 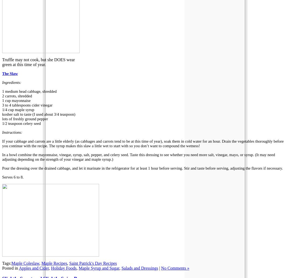 I want to click on '3 to 4 tablespoons cider vinegar', so click(x=2, y=105).